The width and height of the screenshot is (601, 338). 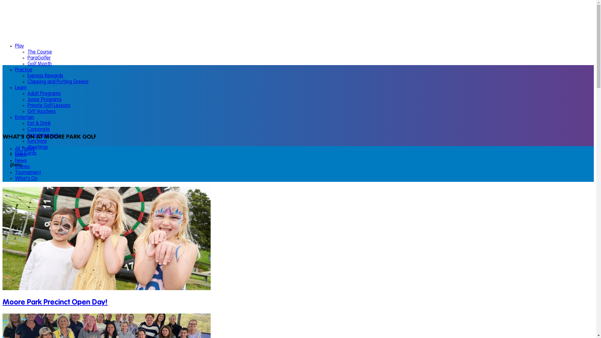 What do you see at coordinates (27, 82) in the screenshot?
I see `'Chipping and Putting Greens'` at bounding box center [27, 82].